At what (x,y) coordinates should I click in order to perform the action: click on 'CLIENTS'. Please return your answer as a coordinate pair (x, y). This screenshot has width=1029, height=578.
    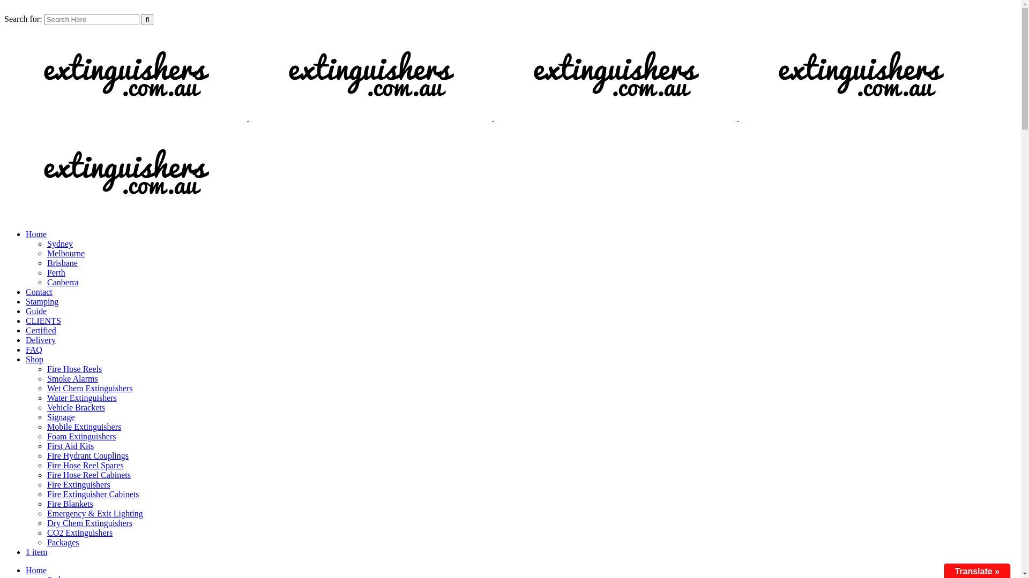
    Looking at the image, I should click on (43, 320).